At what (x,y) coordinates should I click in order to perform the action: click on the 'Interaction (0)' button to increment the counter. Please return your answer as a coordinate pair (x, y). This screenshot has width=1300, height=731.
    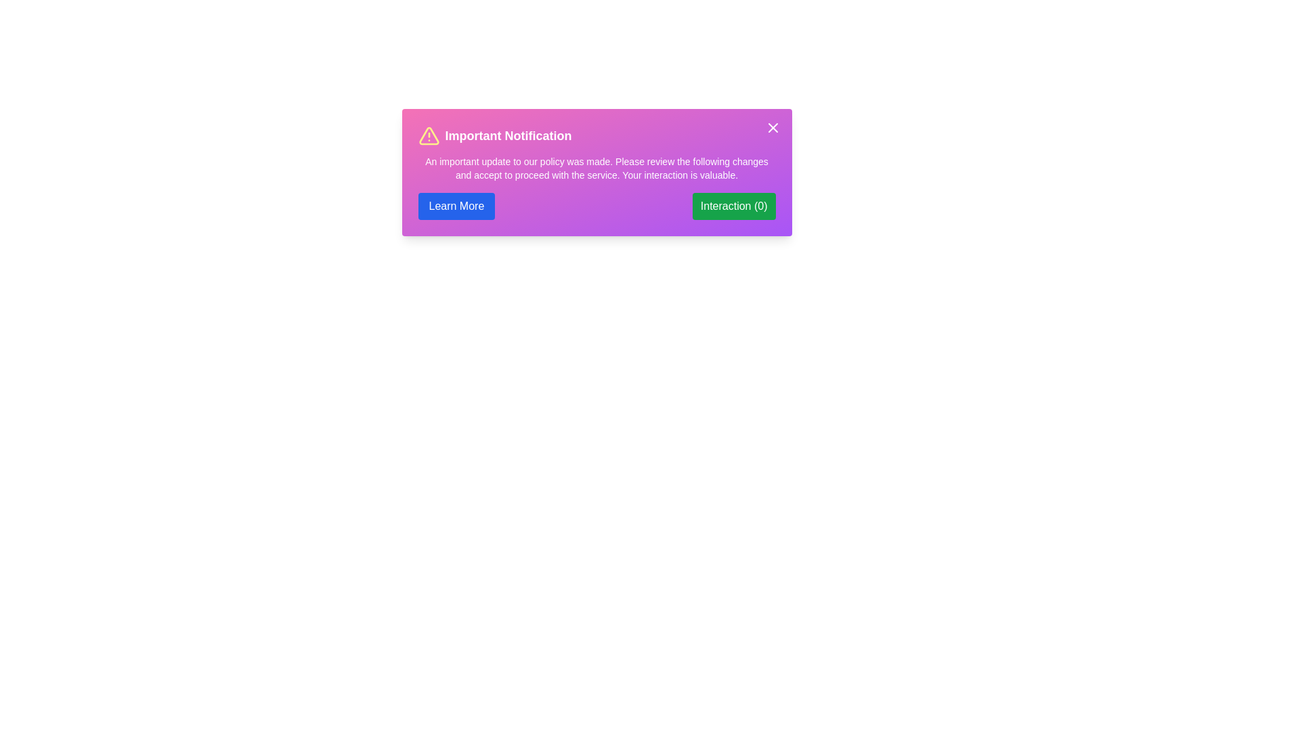
    Looking at the image, I should click on (733, 206).